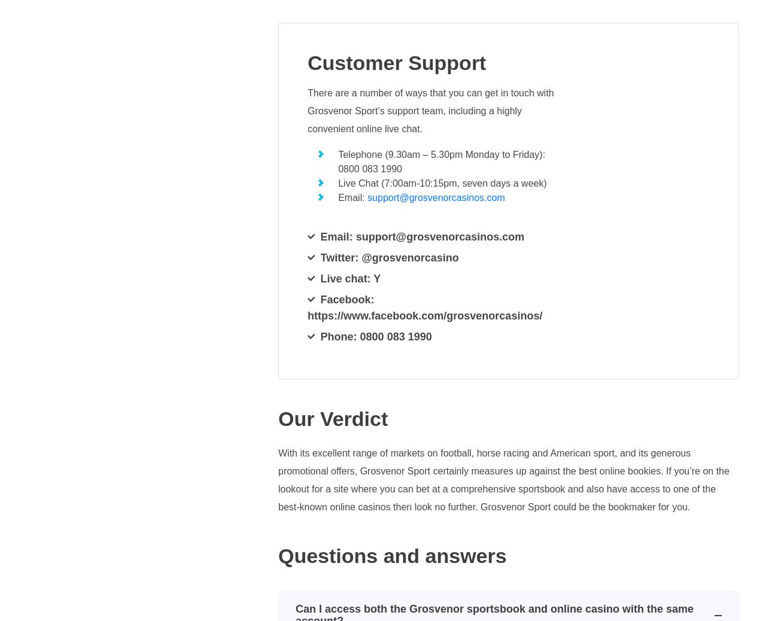 The image size is (778, 621). What do you see at coordinates (424, 307) in the screenshot?
I see `'Facebook: https://www.facebook.com/grosvenorcasinos/'` at bounding box center [424, 307].